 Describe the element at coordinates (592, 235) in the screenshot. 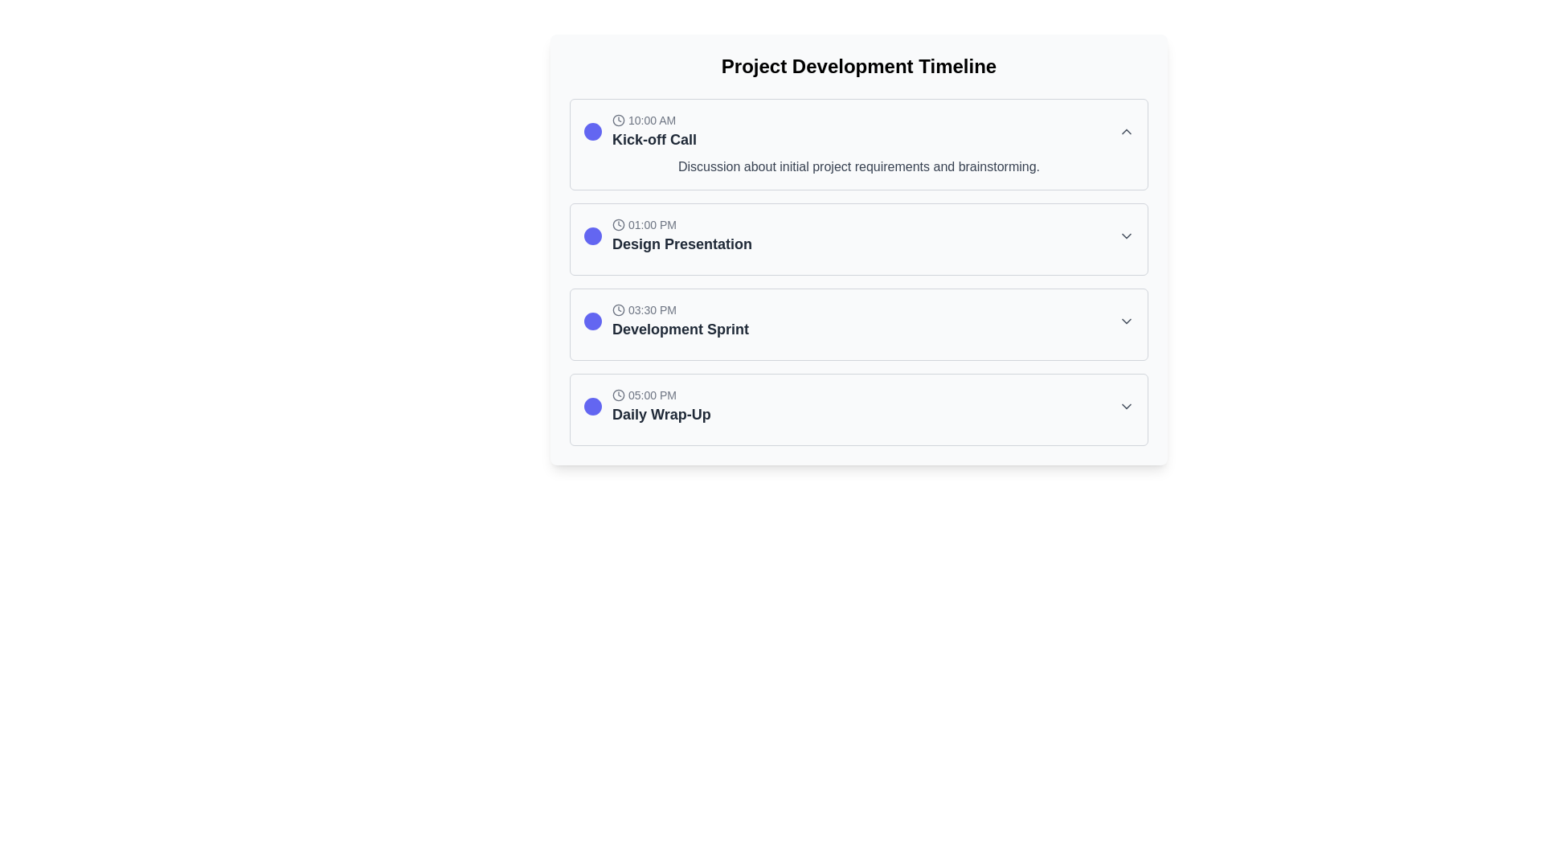

I see `the Circle graphic (SVG) representing an event in the 'Design Presentation' timeline, located to the left of the event's label` at that location.